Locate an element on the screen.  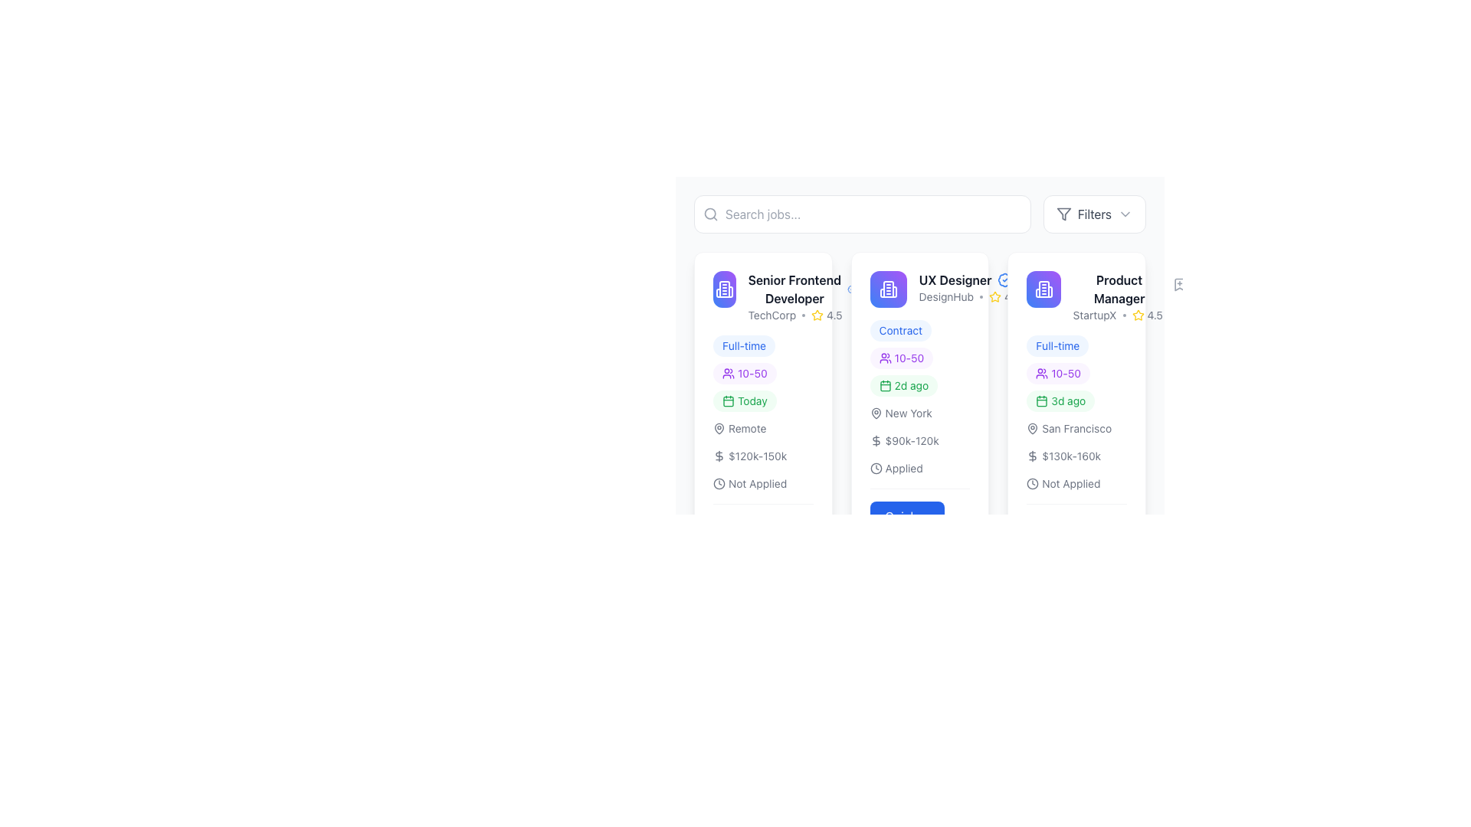
the pin-shaped Vector Icon located within the job listing card labeled 'Remote' on the leftmost side is located at coordinates (719, 428).